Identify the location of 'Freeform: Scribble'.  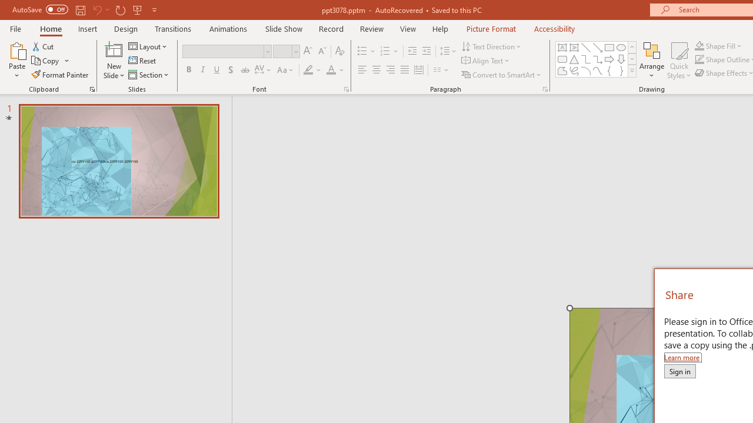
(574, 70).